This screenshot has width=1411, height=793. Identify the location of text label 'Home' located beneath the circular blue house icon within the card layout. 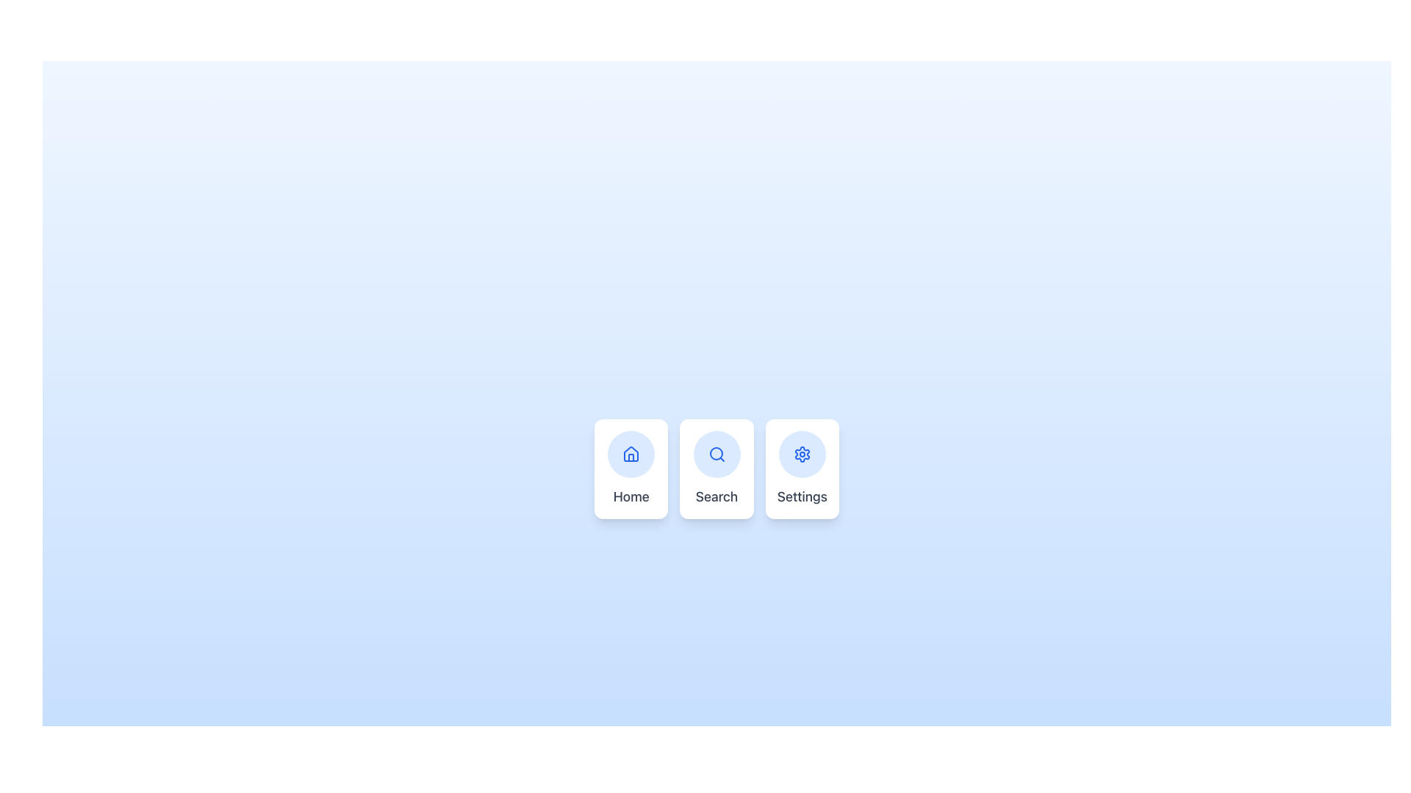
(631, 496).